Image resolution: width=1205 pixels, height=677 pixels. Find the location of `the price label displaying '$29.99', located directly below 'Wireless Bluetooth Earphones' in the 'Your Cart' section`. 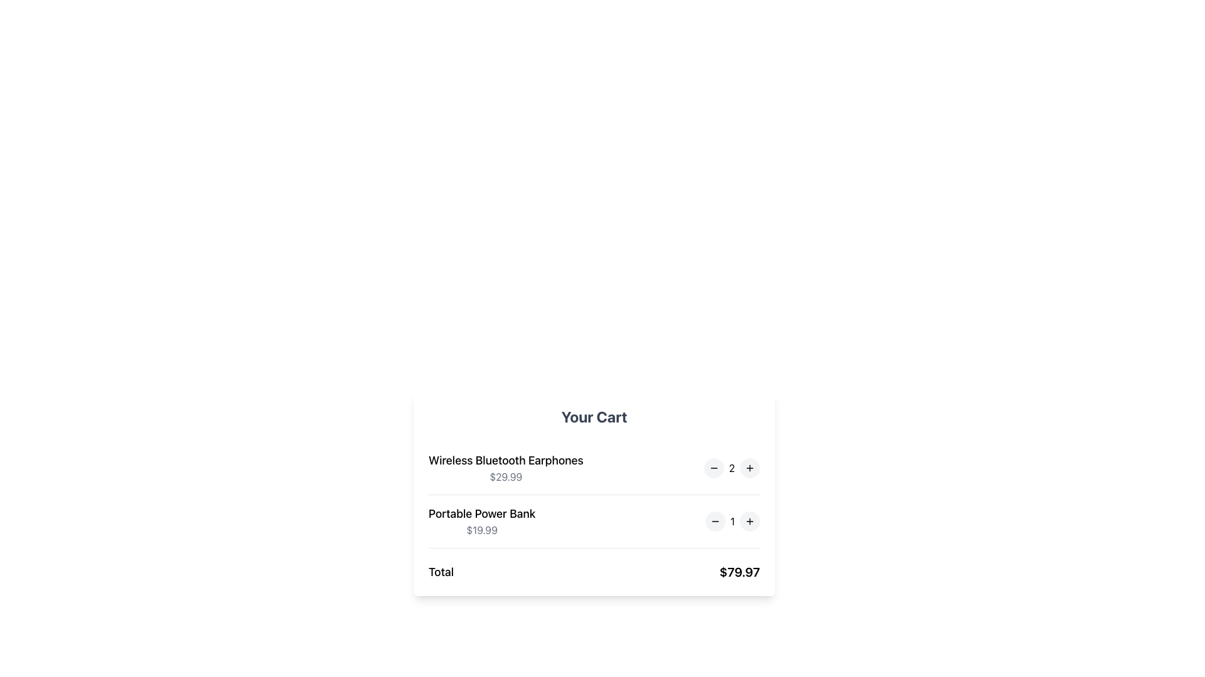

the price label displaying '$29.99', located directly below 'Wireless Bluetooth Earphones' in the 'Your Cart' section is located at coordinates (506, 476).